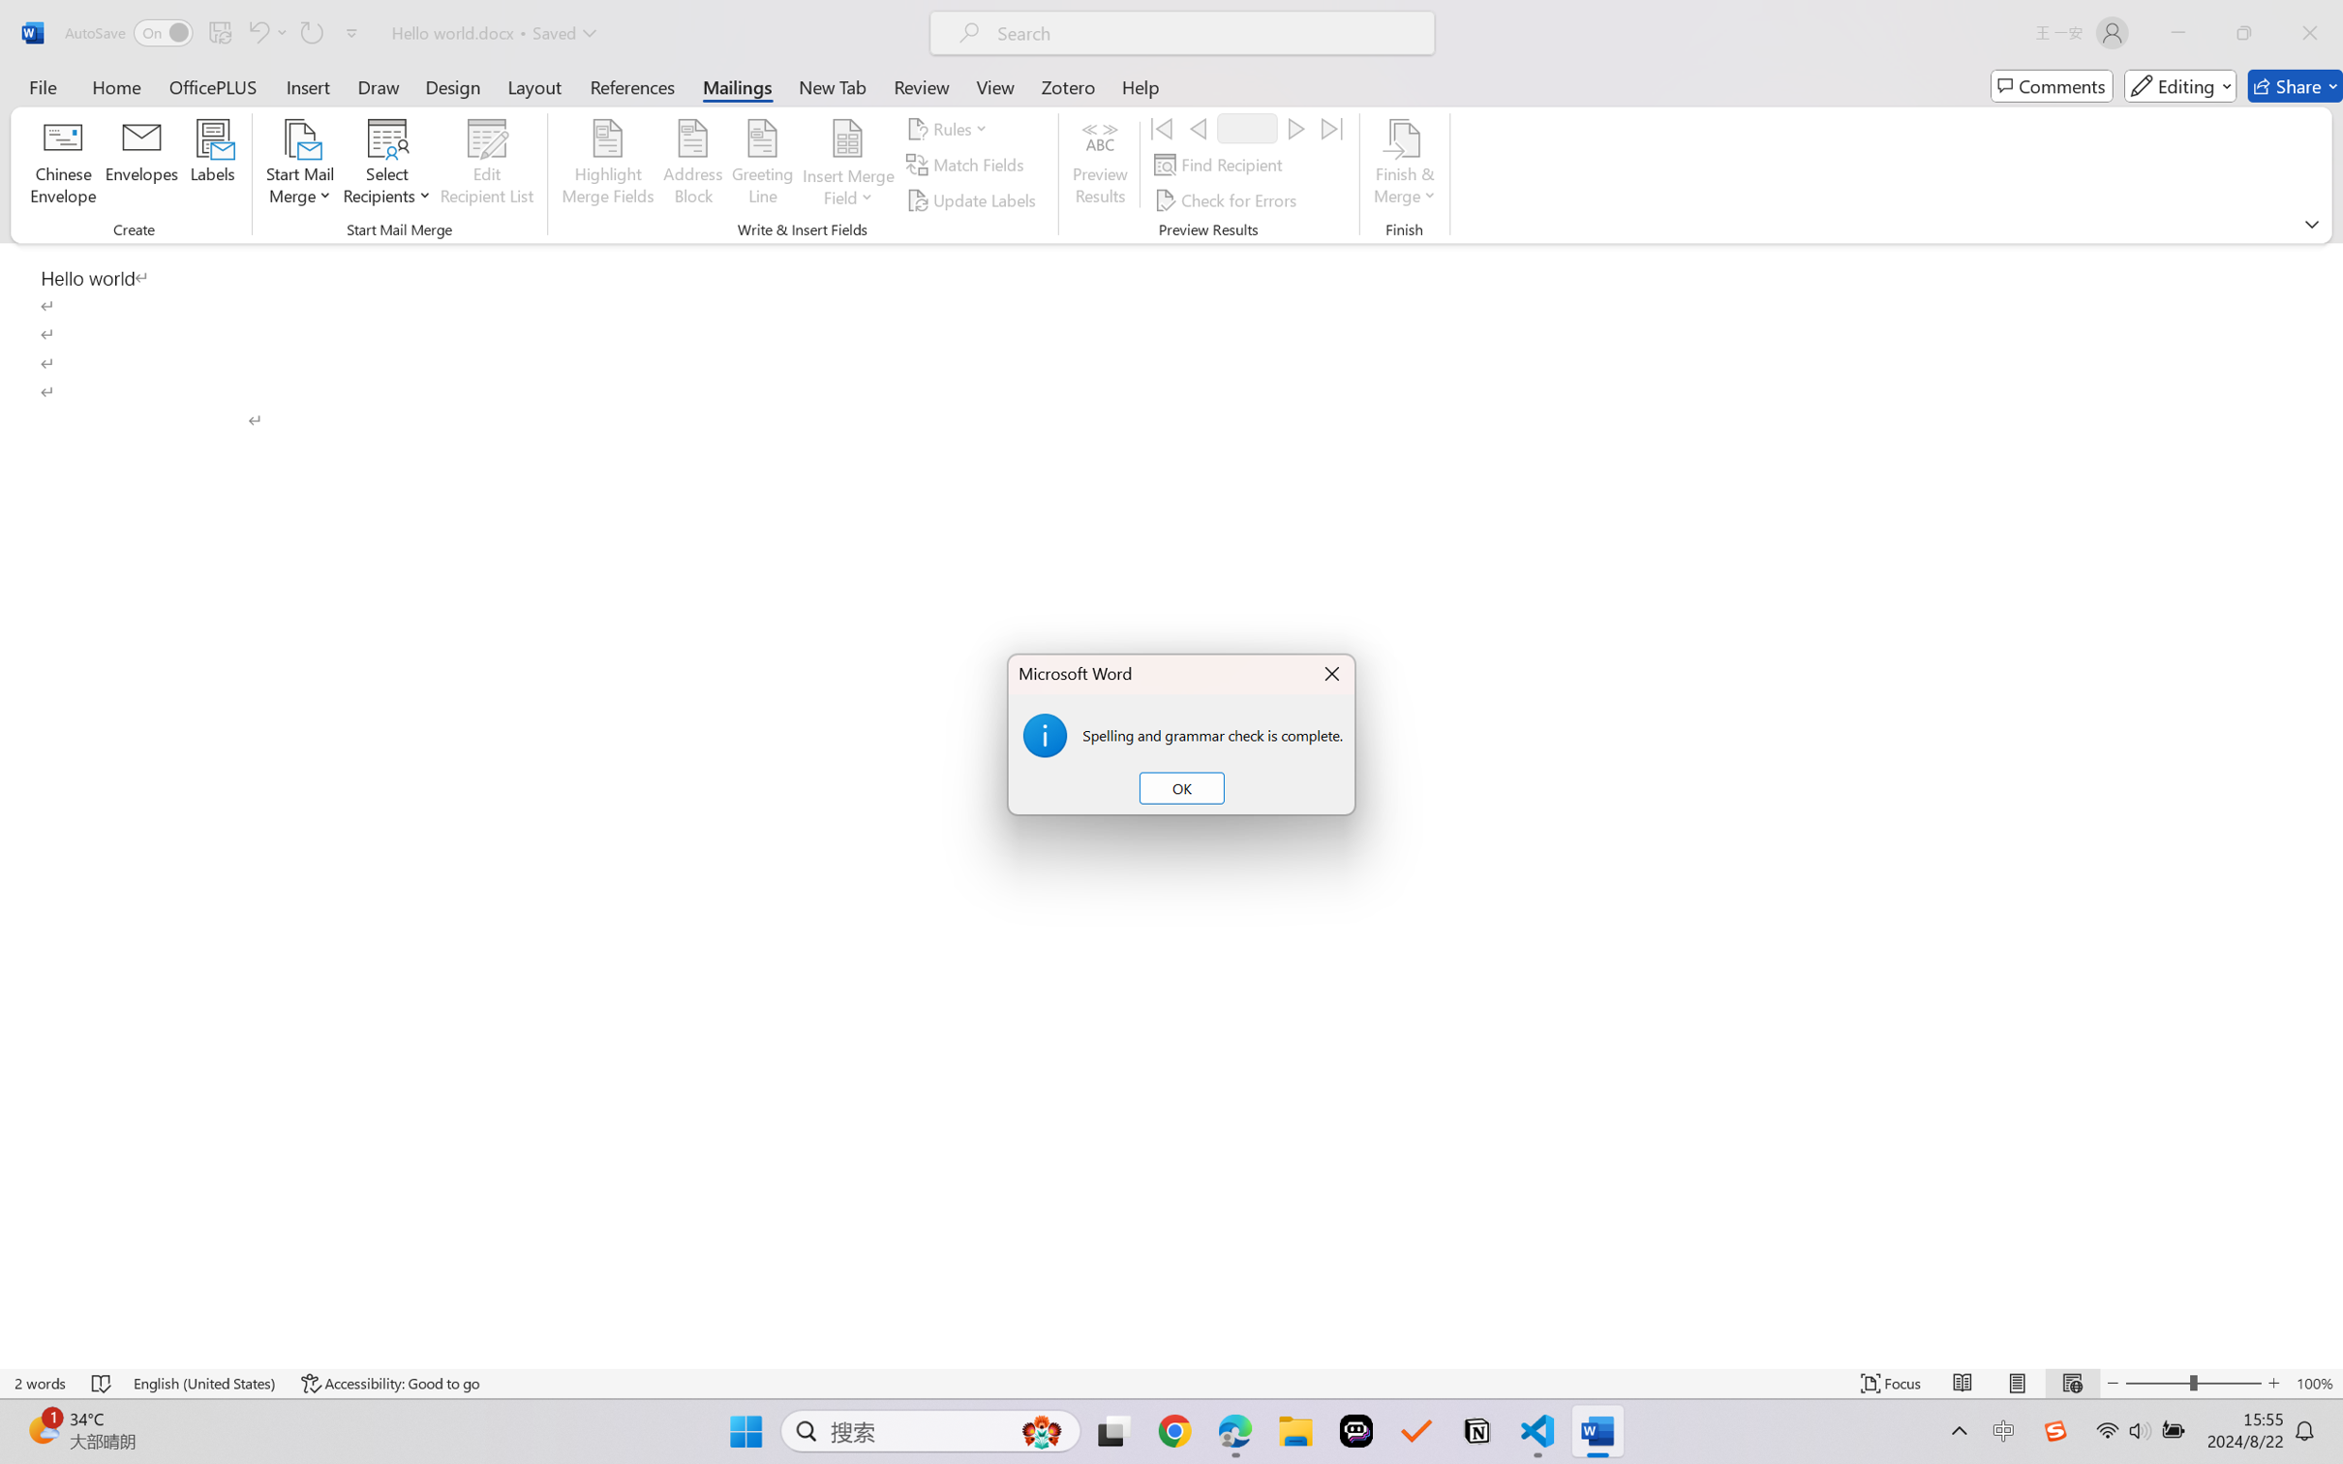 This screenshot has width=2343, height=1464. Describe the element at coordinates (1206, 32) in the screenshot. I see `'Microsoft search'` at that location.